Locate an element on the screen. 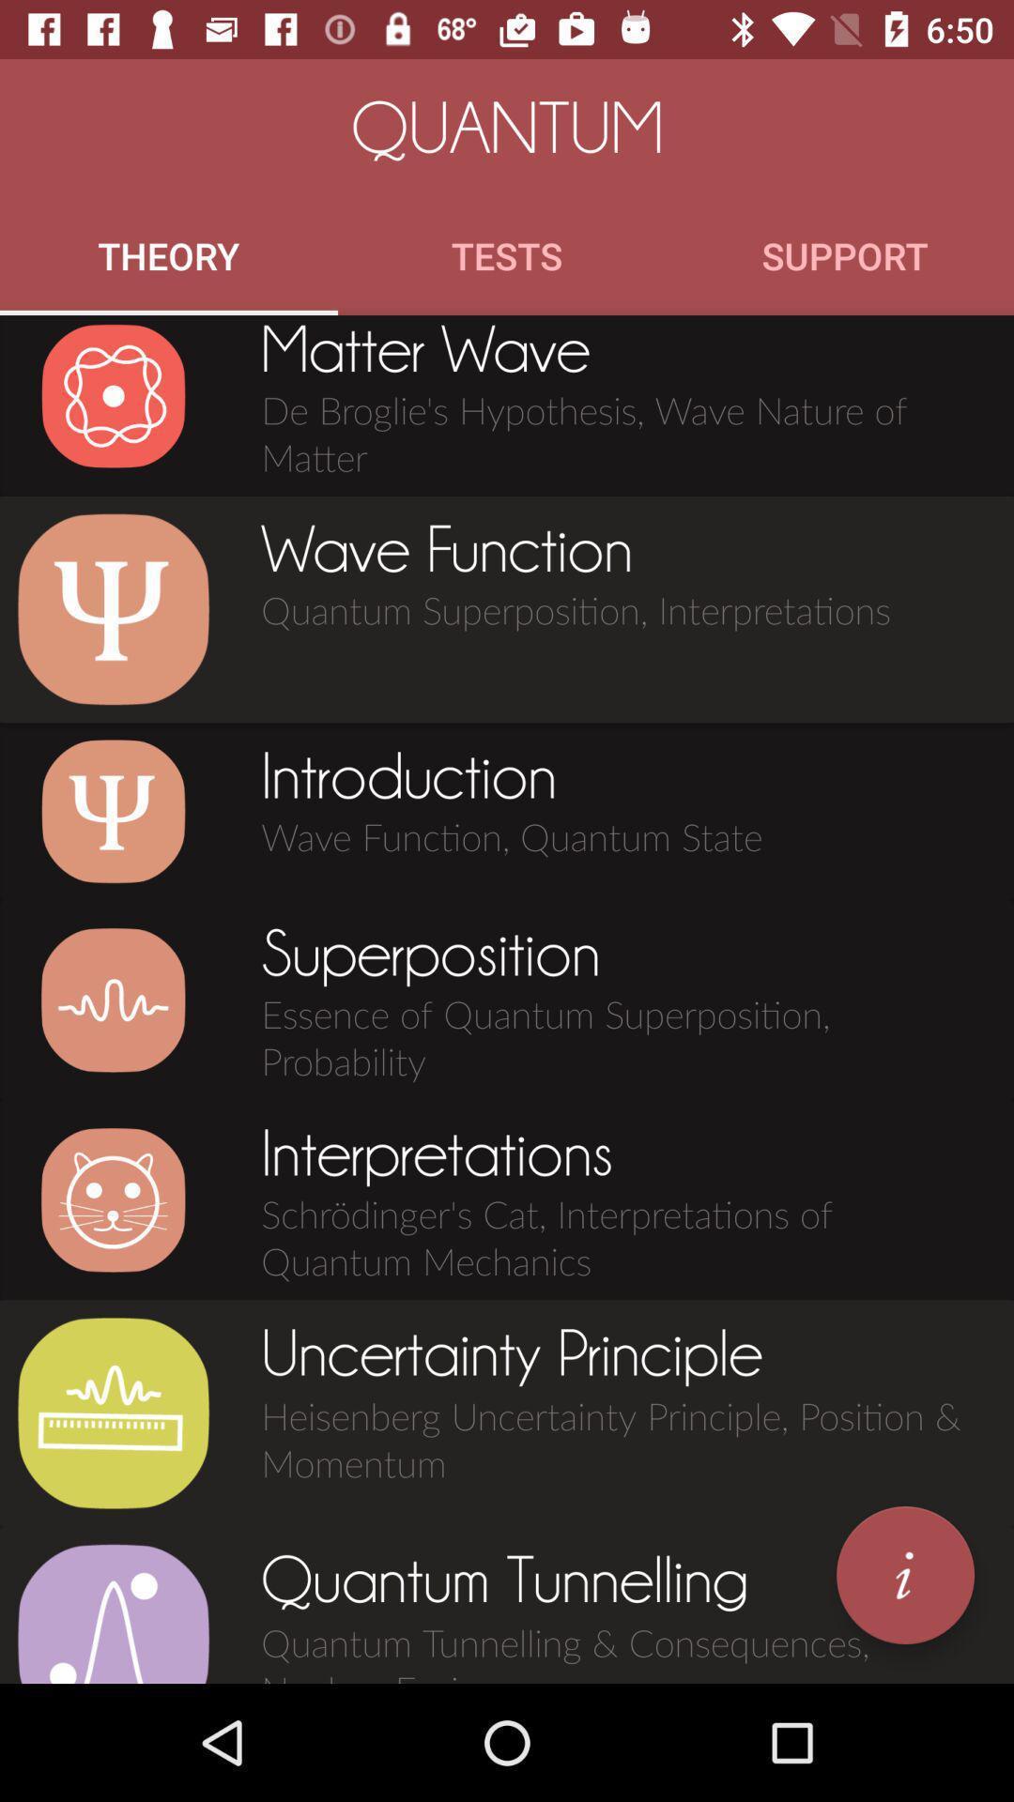 The image size is (1014, 1802). information is located at coordinates (904, 1575).